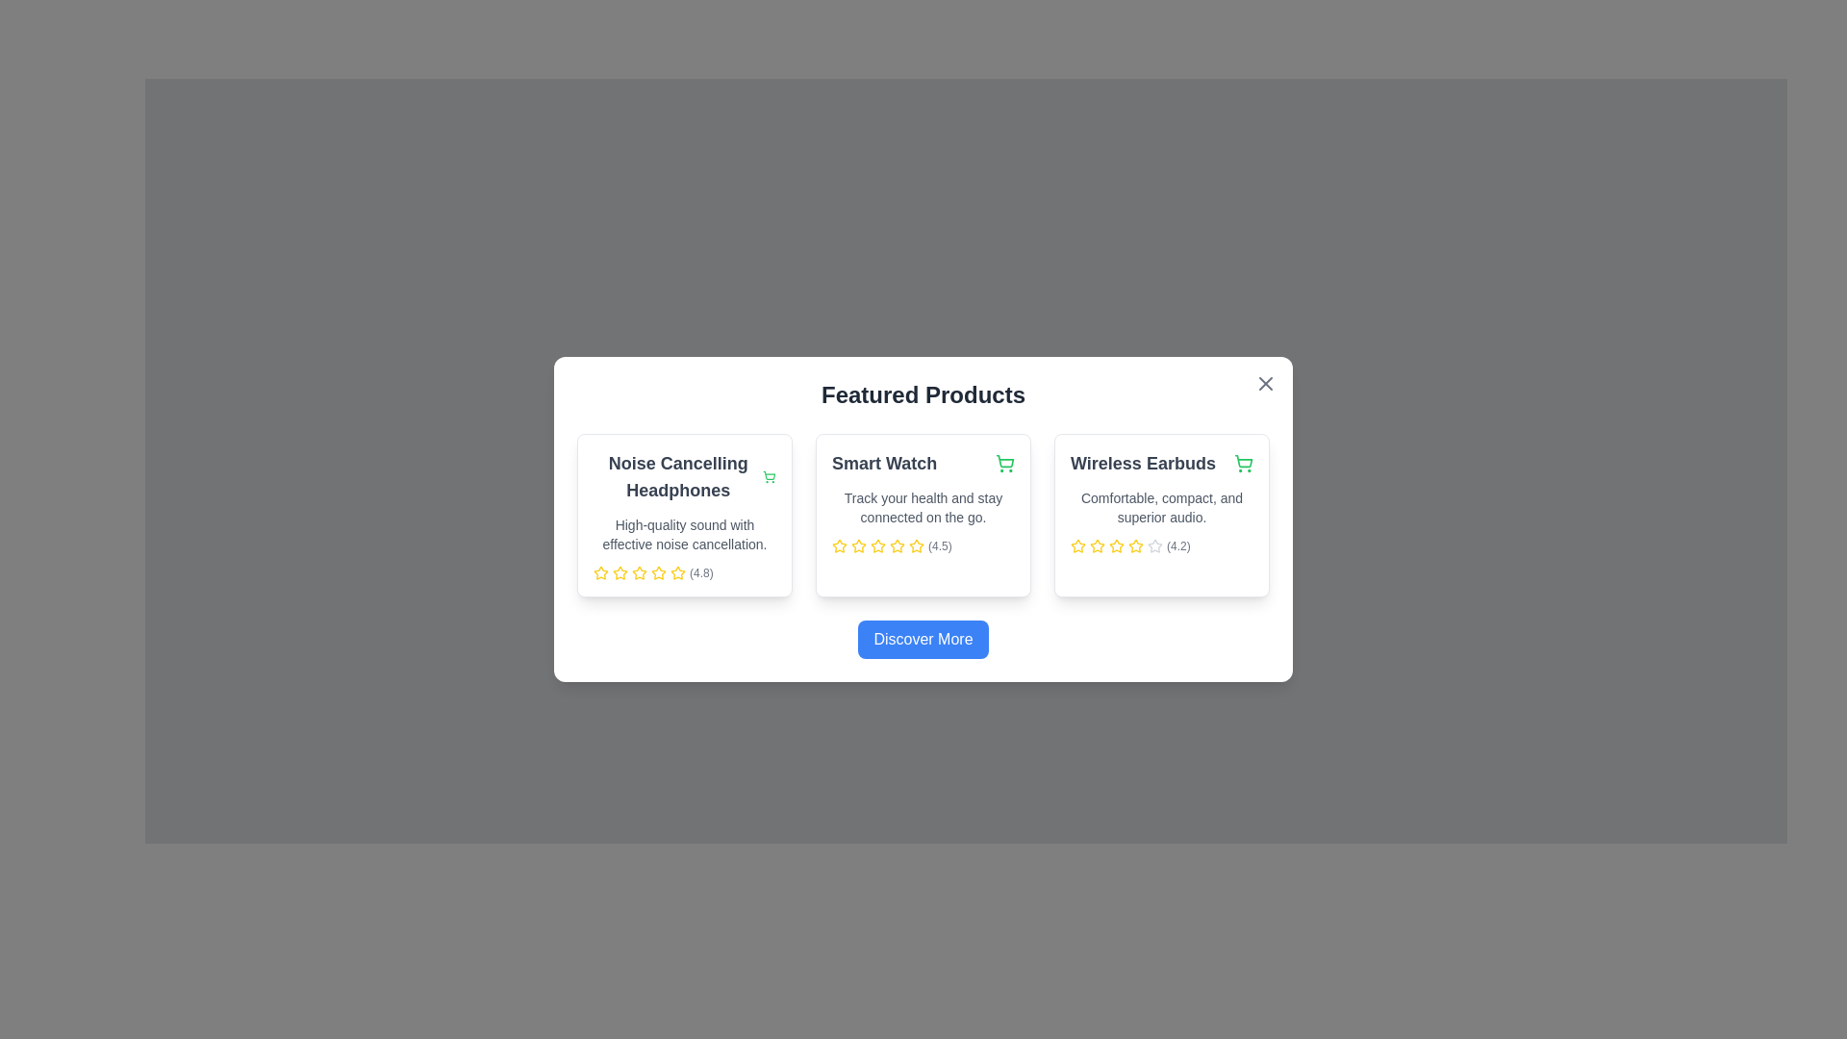 The height and width of the screenshot is (1039, 1847). Describe the element at coordinates (857, 545) in the screenshot. I see `the rating indication represented by the third yellow star icon in the rating system under the 'Smart Watch' product card` at that location.